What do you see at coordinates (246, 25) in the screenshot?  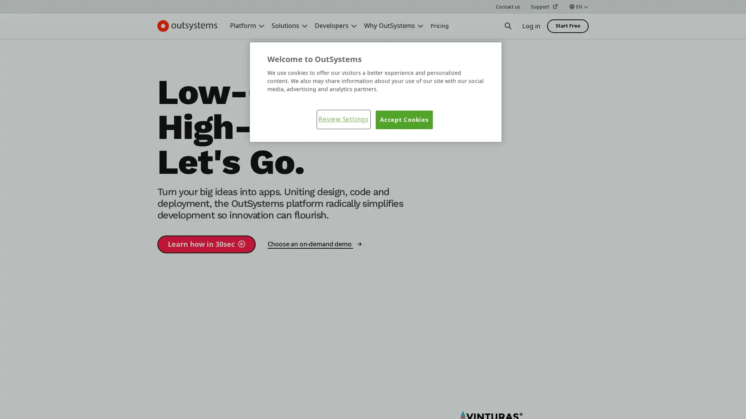 I see `Platform` at bounding box center [246, 25].